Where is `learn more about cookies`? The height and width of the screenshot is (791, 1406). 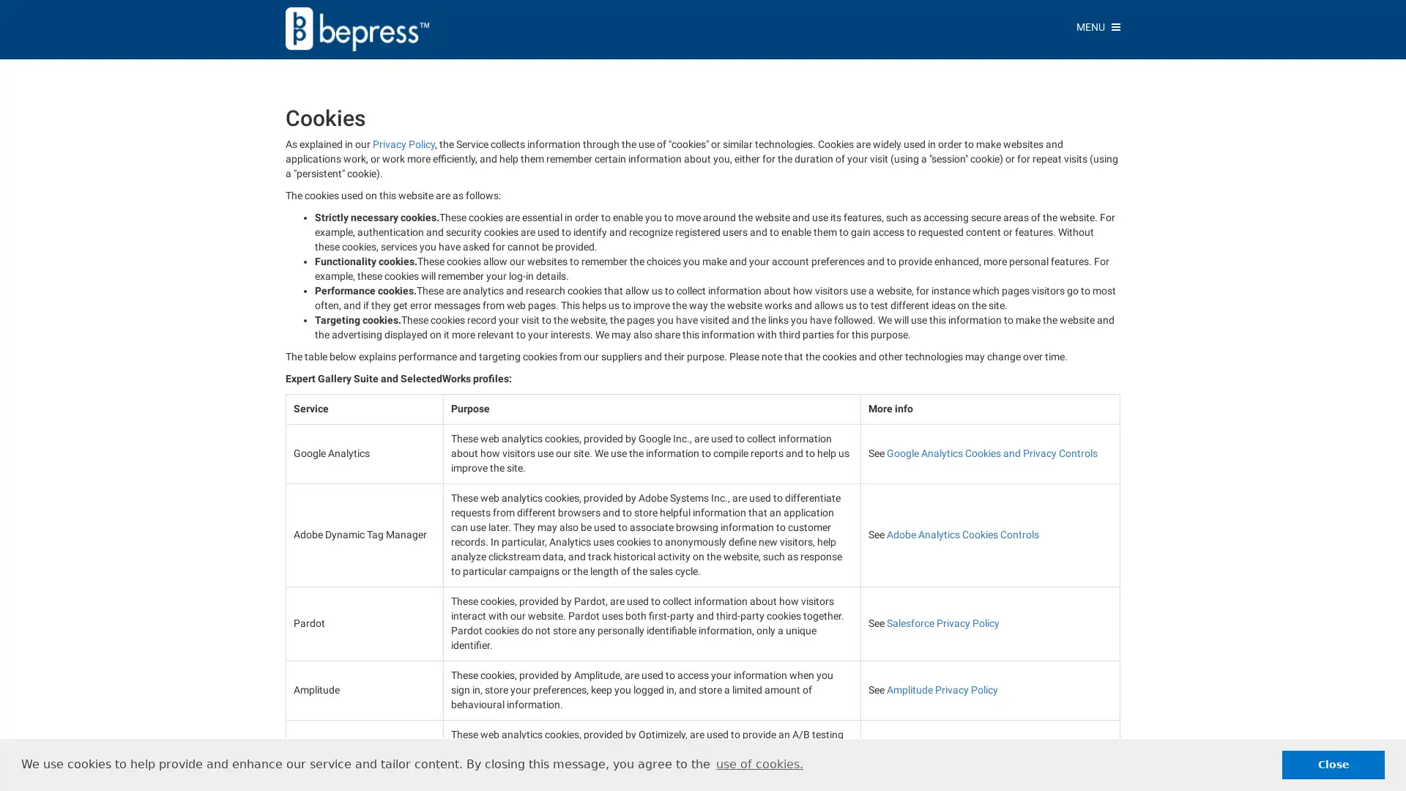
learn more about cookies is located at coordinates (759, 764).